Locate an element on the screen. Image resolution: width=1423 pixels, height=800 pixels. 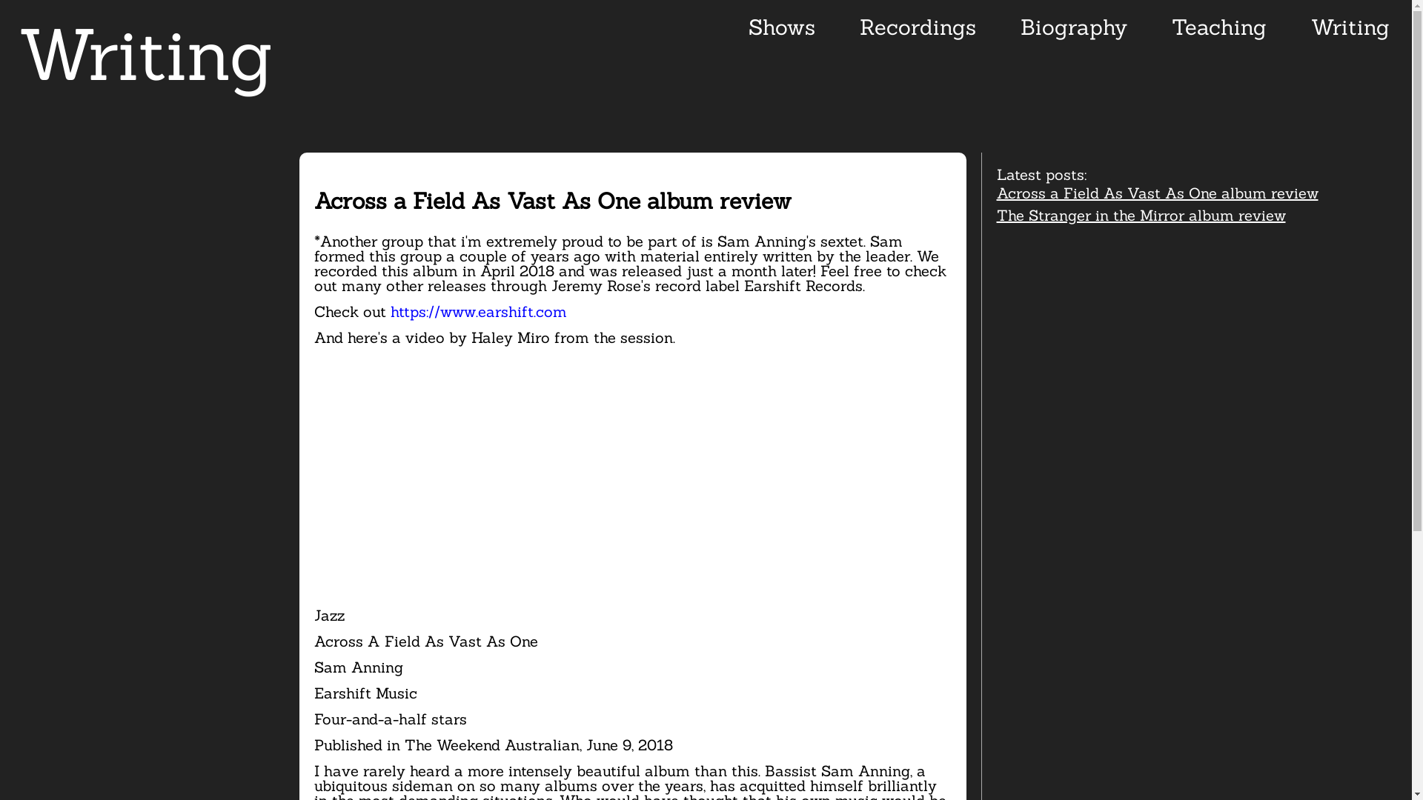
'Recordings' is located at coordinates (917, 27).